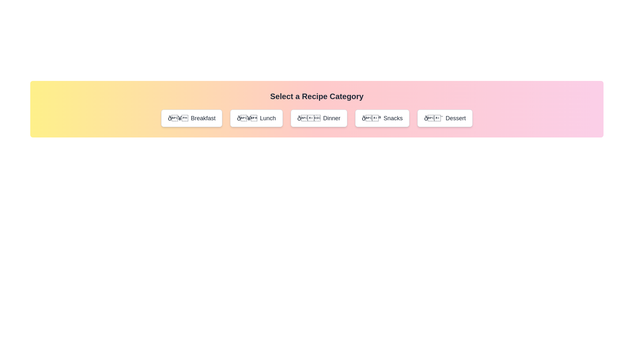  What do you see at coordinates (445, 118) in the screenshot?
I see `the Dessert button to see the hover effect` at bounding box center [445, 118].